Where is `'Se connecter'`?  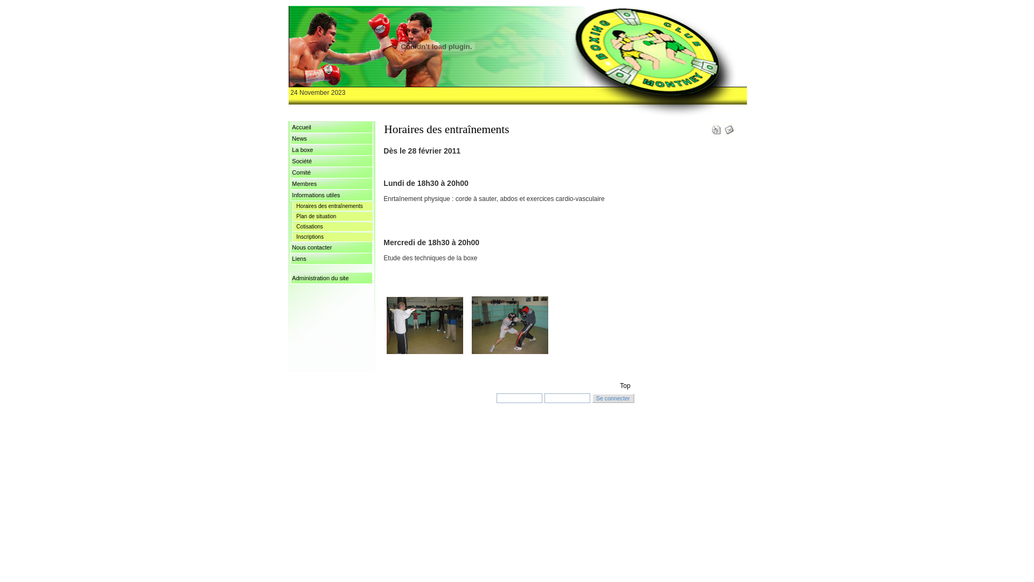 'Se connecter' is located at coordinates (613, 398).